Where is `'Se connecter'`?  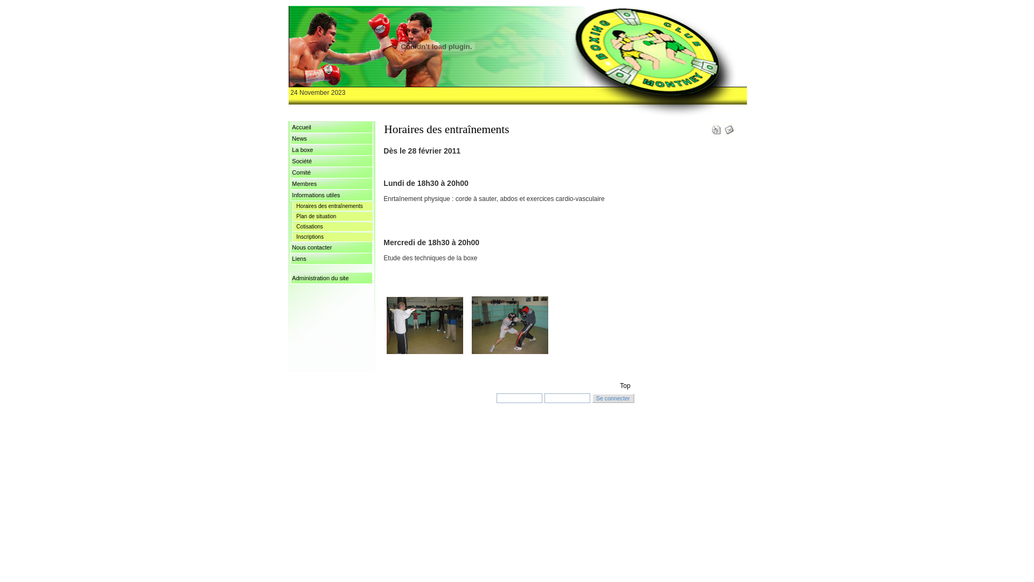 'Se connecter' is located at coordinates (613, 398).